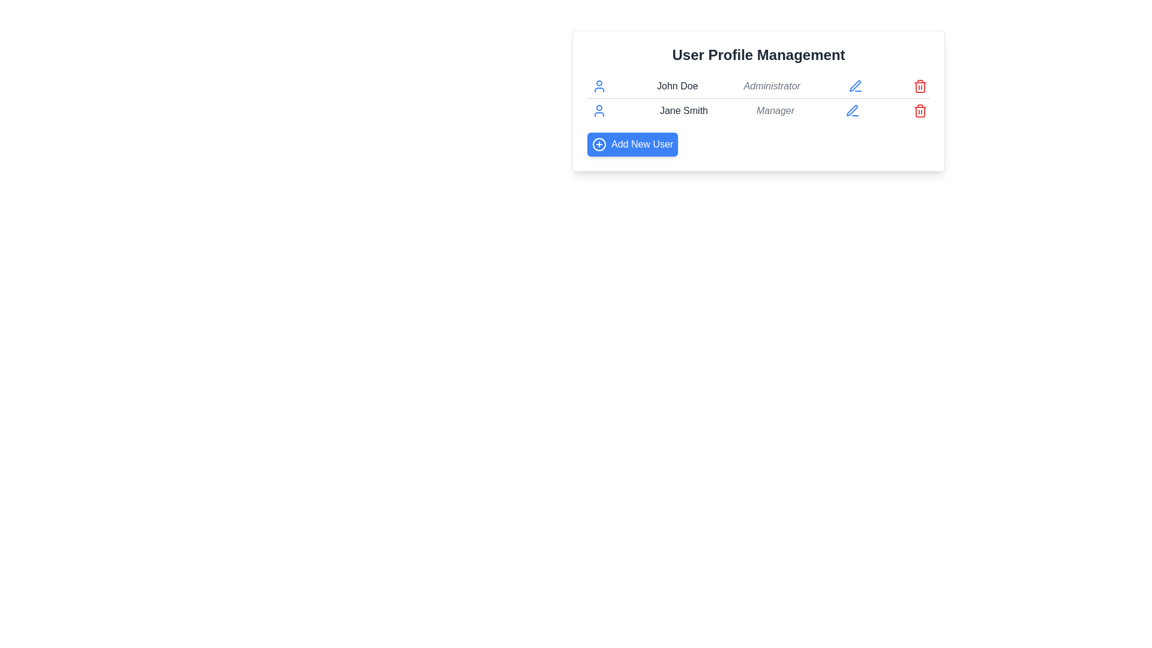 This screenshot has width=1152, height=648. What do you see at coordinates (775, 111) in the screenshot?
I see `the static text label displaying 'Manager' in italicized gray font, located adjacent to 'Jane Smith' in the second row of the user profile list` at bounding box center [775, 111].